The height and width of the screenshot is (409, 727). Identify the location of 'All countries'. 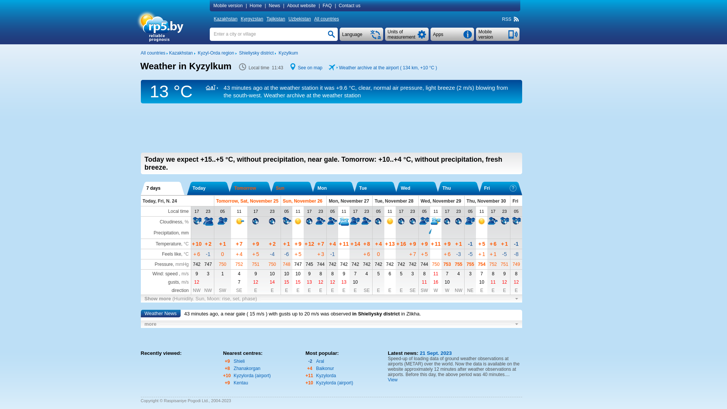
(153, 52).